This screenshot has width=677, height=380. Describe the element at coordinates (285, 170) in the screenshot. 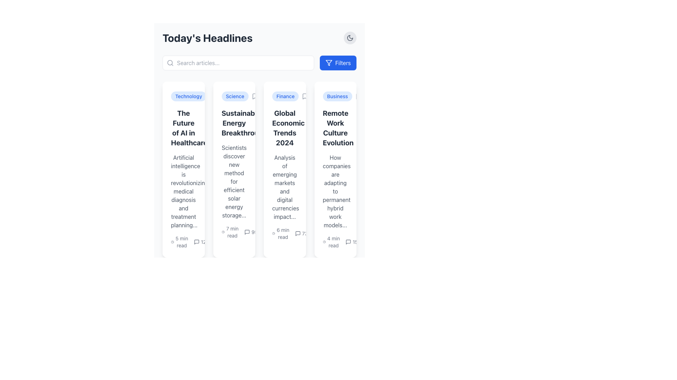

I see `the card titled 'Global Economic Trends 2024' located in the third column of the grid layout within the 'Today's Headlines' section` at that location.